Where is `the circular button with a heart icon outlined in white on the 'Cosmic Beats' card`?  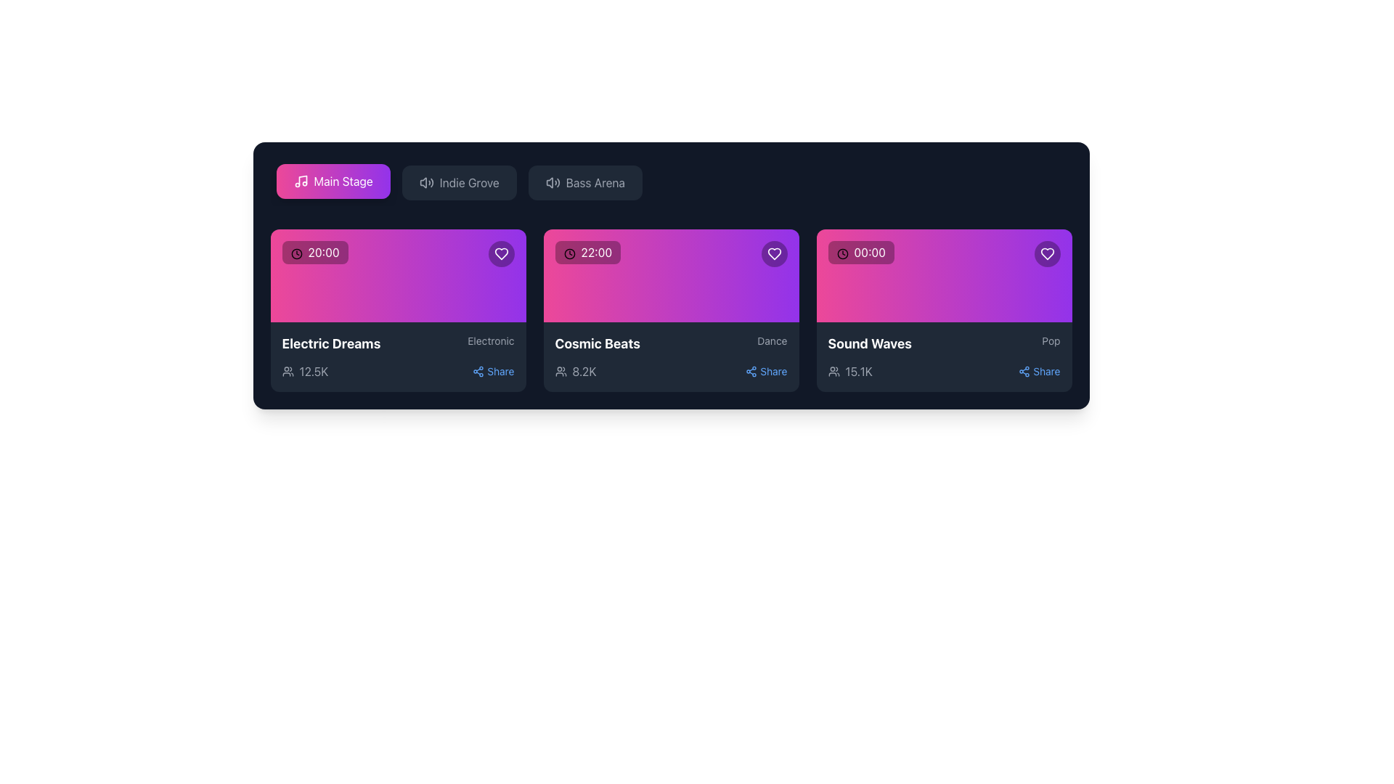
the circular button with a heart icon outlined in white on the 'Cosmic Beats' card is located at coordinates (773, 253).